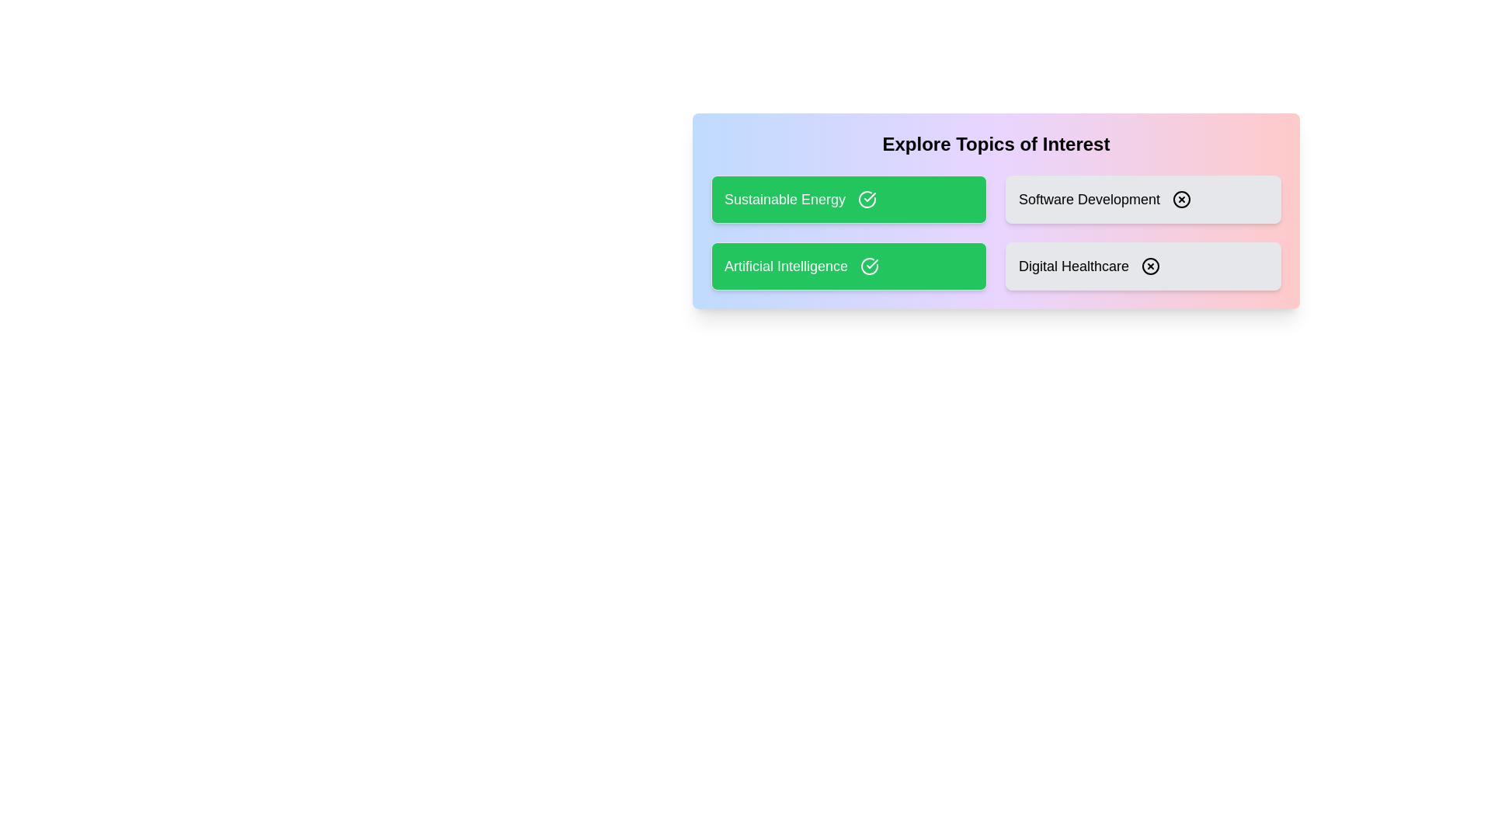 The width and height of the screenshot is (1491, 839). What do you see at coordinates (1143, 266) in the screenshot?
I see `the topic card labeled Digital Healthcare to toggle its selection state` at bounding box center [1143, 266].